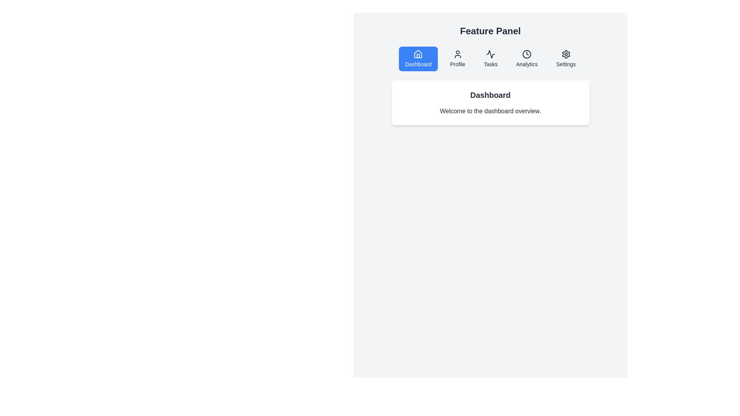 Image resolution: width=740 pixels, height=416 pixels. I want to click on the 'Profile' button, which features a human figure icon above the label 'Profile', so click(457, 59).